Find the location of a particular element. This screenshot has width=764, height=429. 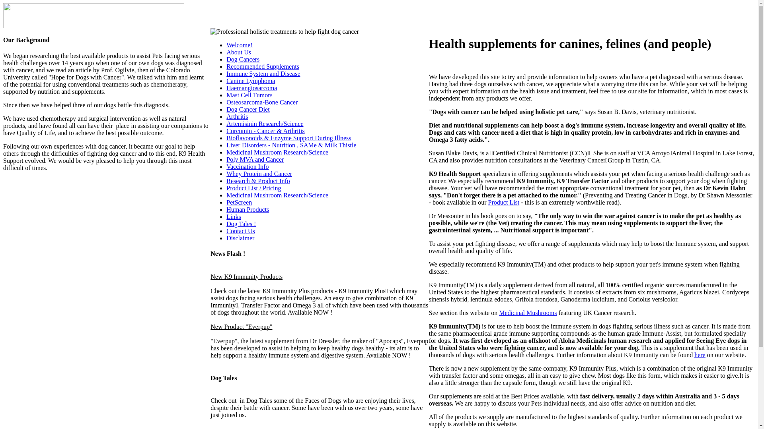

'Product List / Pricing' is located at coordinates (253, 188).